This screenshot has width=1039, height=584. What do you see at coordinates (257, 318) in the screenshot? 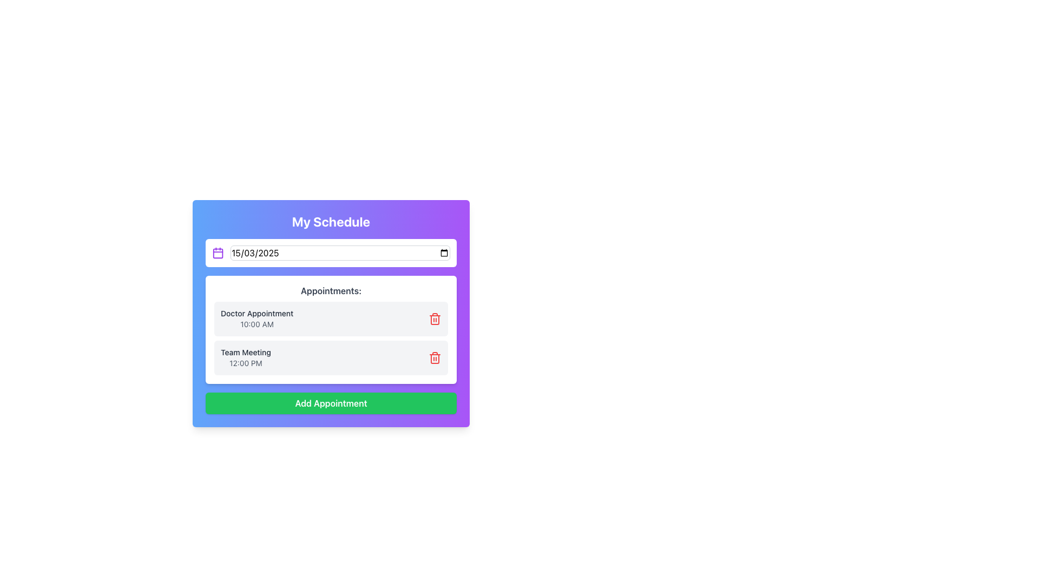
I see `the text label titled 'Doctor Appointment' that displays the time '10:00 AM', which is positioned within a light-gray background panel near the top-left corner of the appointment block` at bounding box center [257, 318].